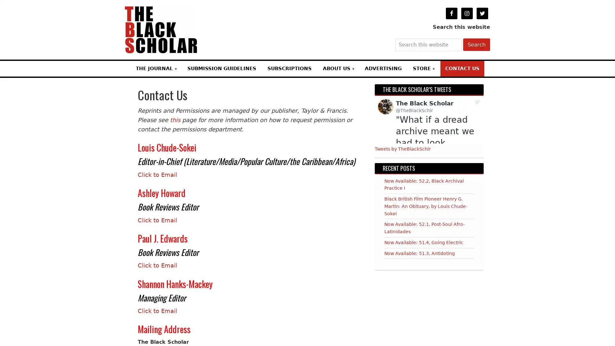  Describe the element at coordinates (477, 44) in the screenshot. I see `Search` at that location.